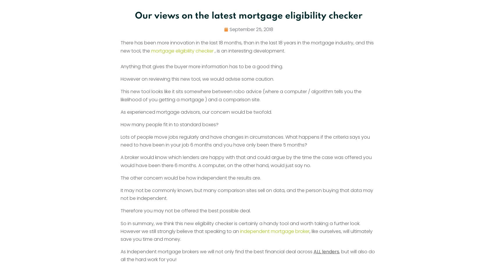 Image resolution: width=497 pixels, height=264 pixels. Describe the element at coordinates (339, 43) in the screenshot. I see `'August 17, 2023'` at that location.